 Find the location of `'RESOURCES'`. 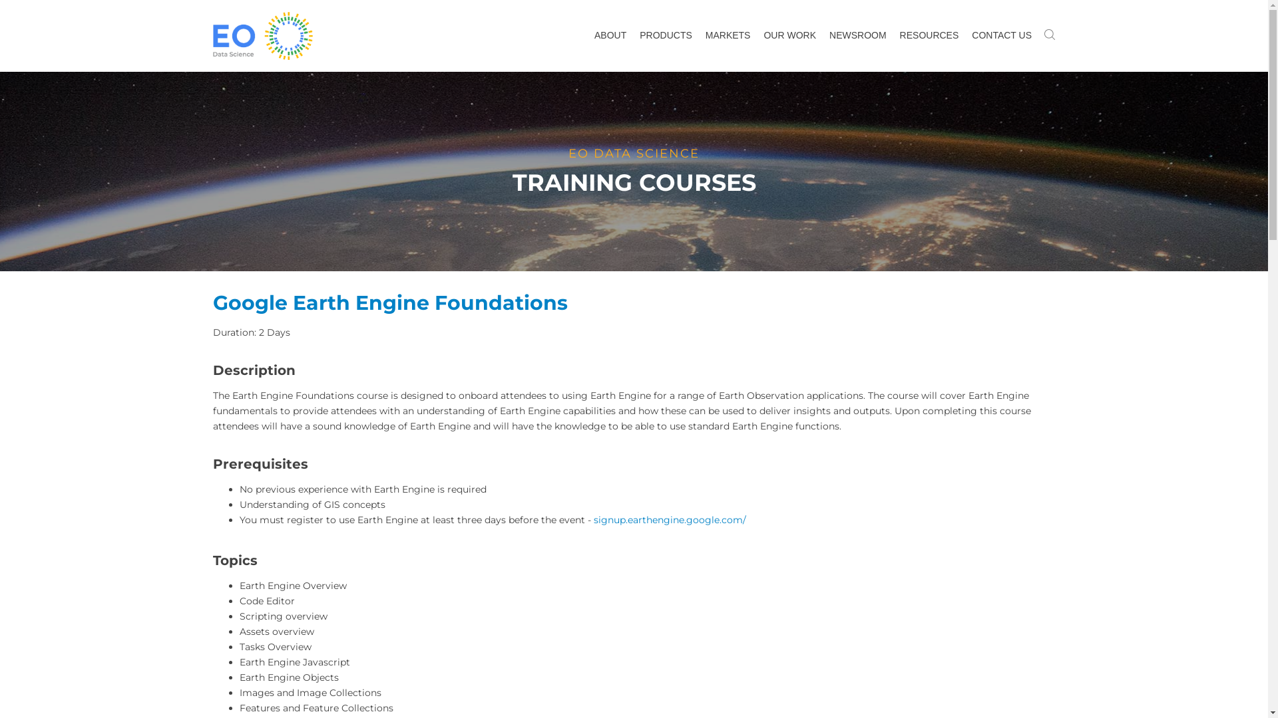

'RESOURCES' is located at coordinates (929, 35).